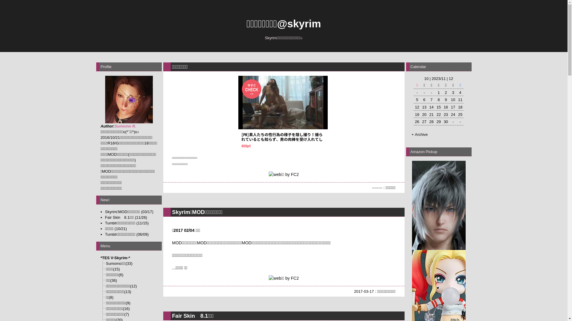 Image resolution: width=572 pixels, height=321 pixels. Describe the element at coordinates (421, 134) in the screenshot. I see `'Archive'` at that location.